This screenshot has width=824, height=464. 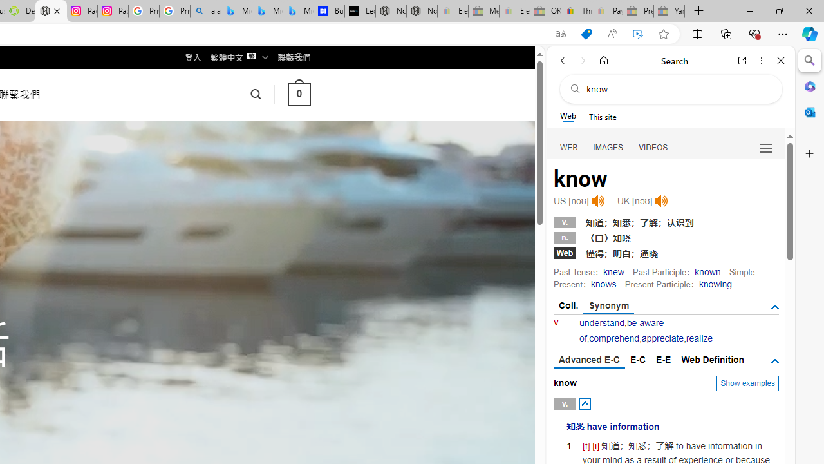 I want to click on 'realize', so click(x=698, y=338).